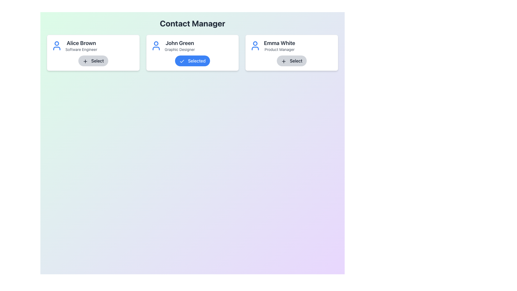  I want to click on the button with rounded edges and bright blue background containing 'Selected' text and a checkmark icon, so click(193, 61).